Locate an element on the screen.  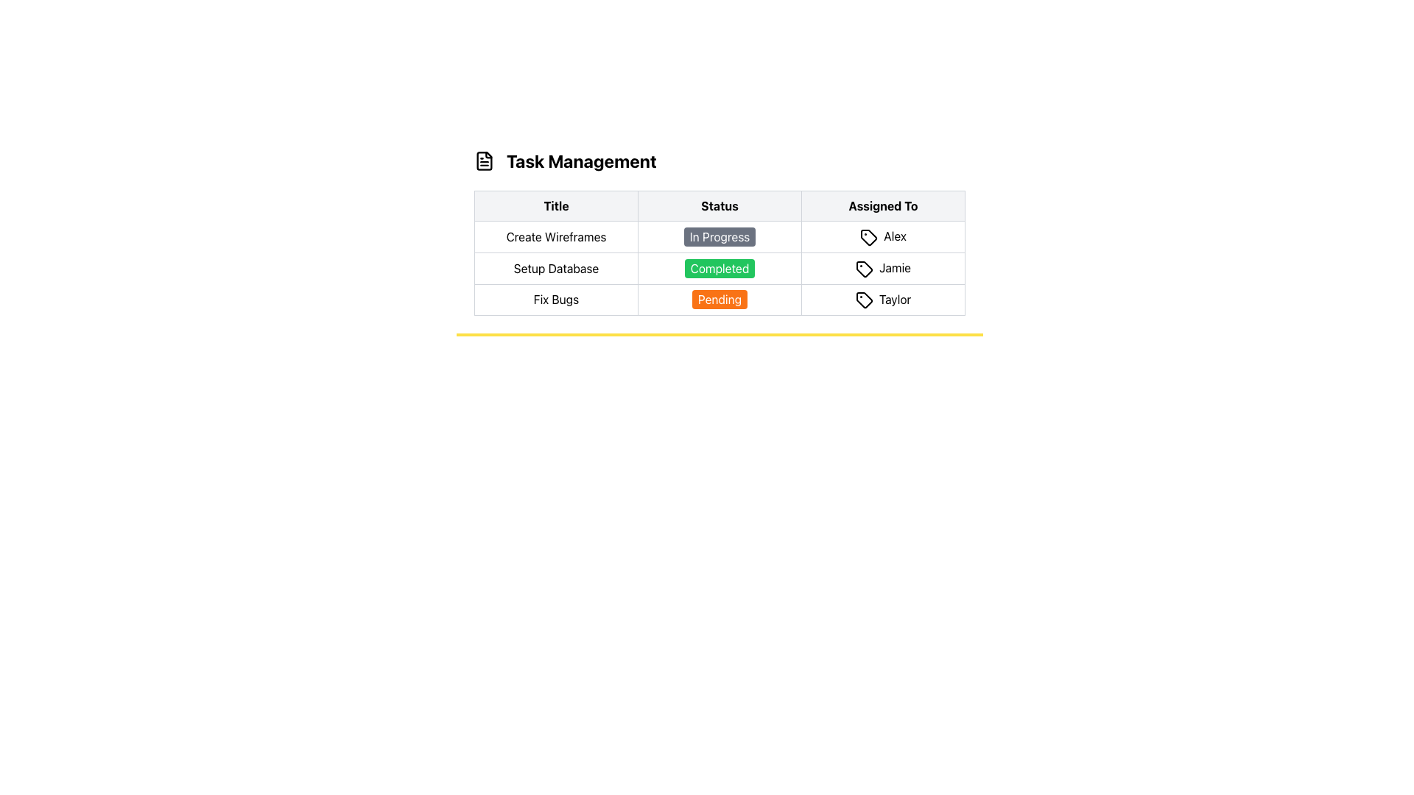
the Text Label displaying the title of a task in the task management table, located in the first row under the 'Title' column is located at coordinates (555, 236).